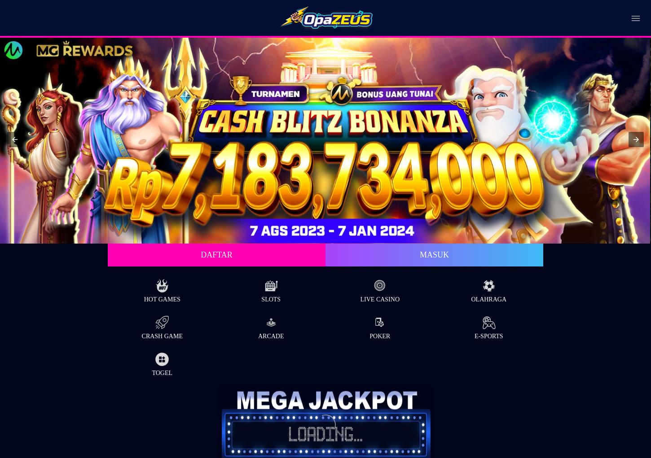  Describe the element at coordinates (216, 253) in the screenshot. I see `'Daftar'` at that location.